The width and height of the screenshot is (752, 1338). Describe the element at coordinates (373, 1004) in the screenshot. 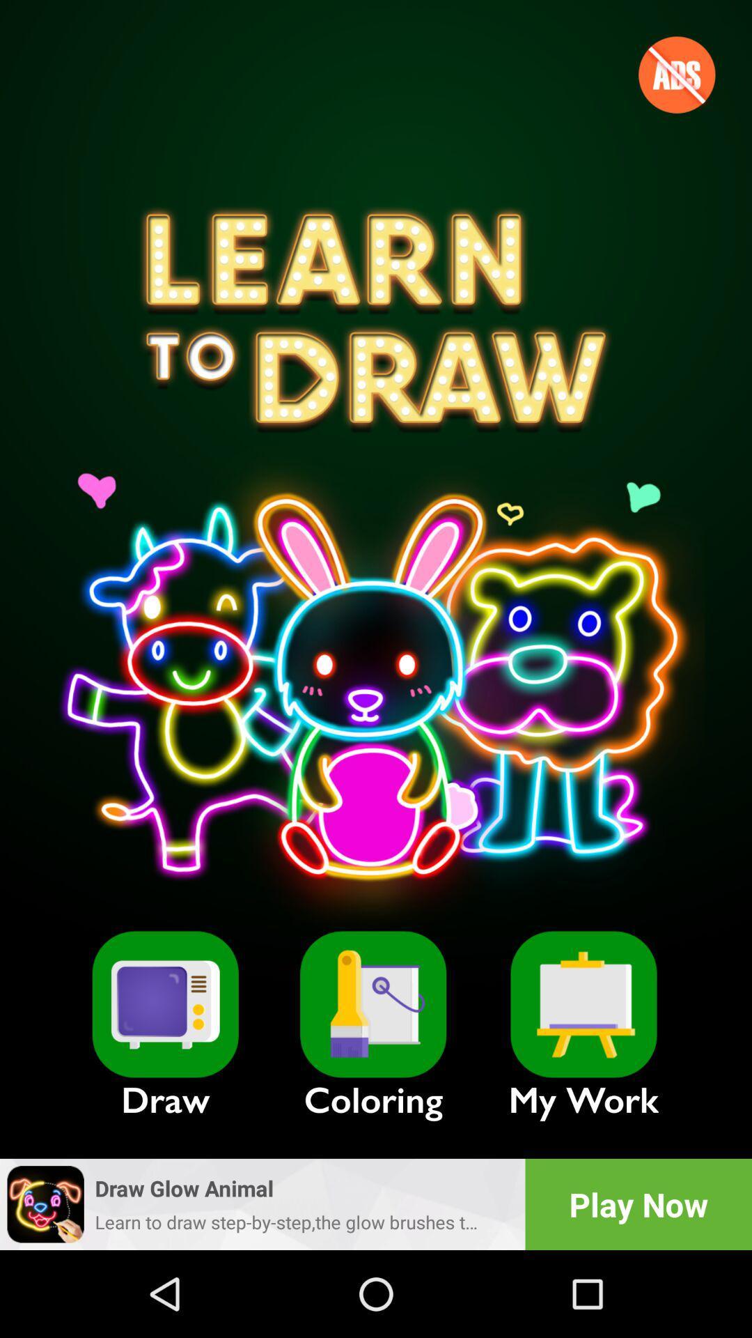

I see `icon above the coloring item` at that location.